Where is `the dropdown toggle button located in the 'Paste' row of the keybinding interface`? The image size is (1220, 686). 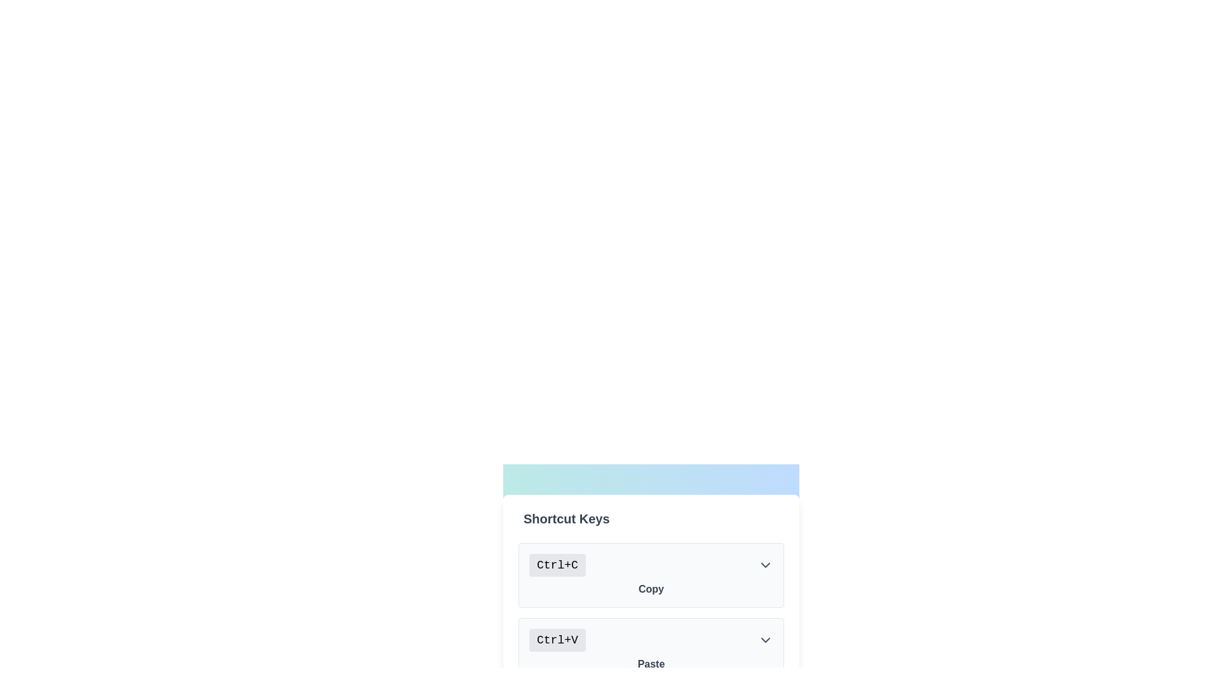
the dropdown toggle button located in the 'Paste' row of the keybinding interface is located at coordinates (764, 640).